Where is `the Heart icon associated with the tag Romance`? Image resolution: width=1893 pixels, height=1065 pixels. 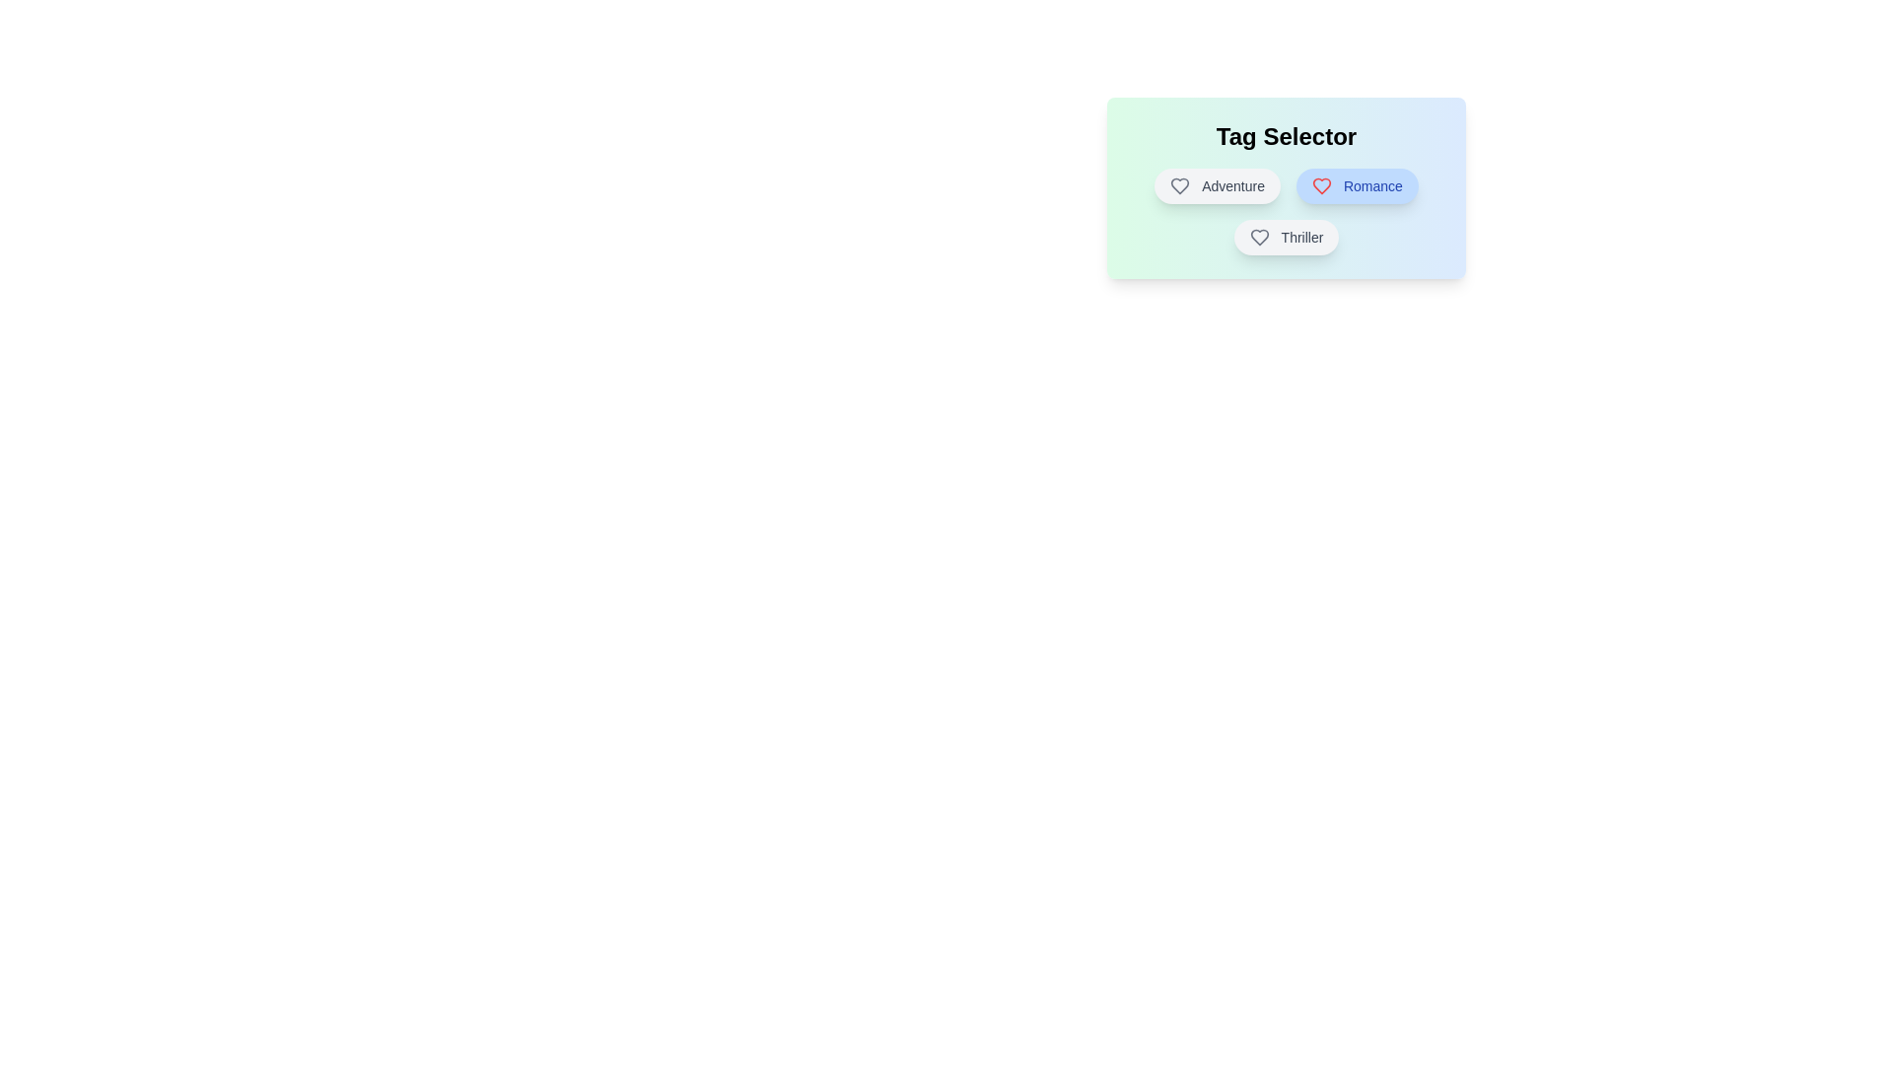
the Heart icon associated with the tag Romance is located at coordinates (1321, 186).